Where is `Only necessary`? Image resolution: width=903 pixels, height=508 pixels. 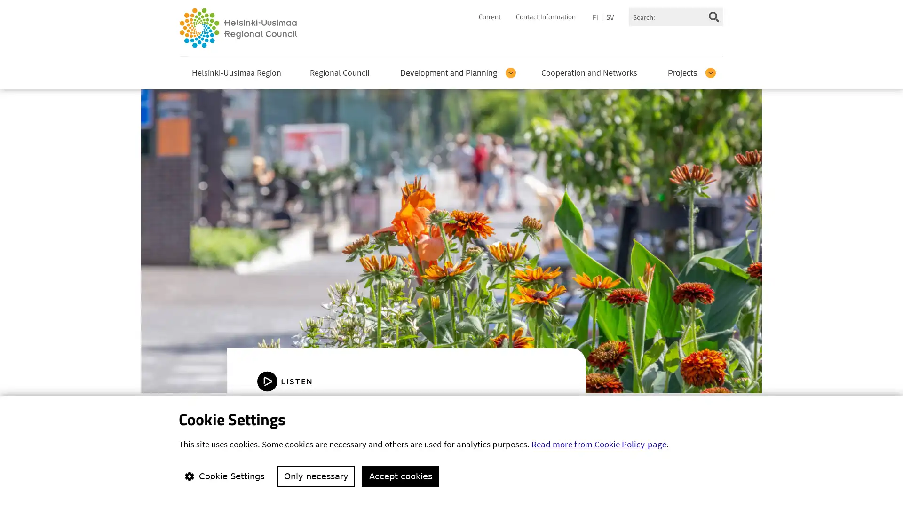
Only necessary is located at coordinates (316, 476).